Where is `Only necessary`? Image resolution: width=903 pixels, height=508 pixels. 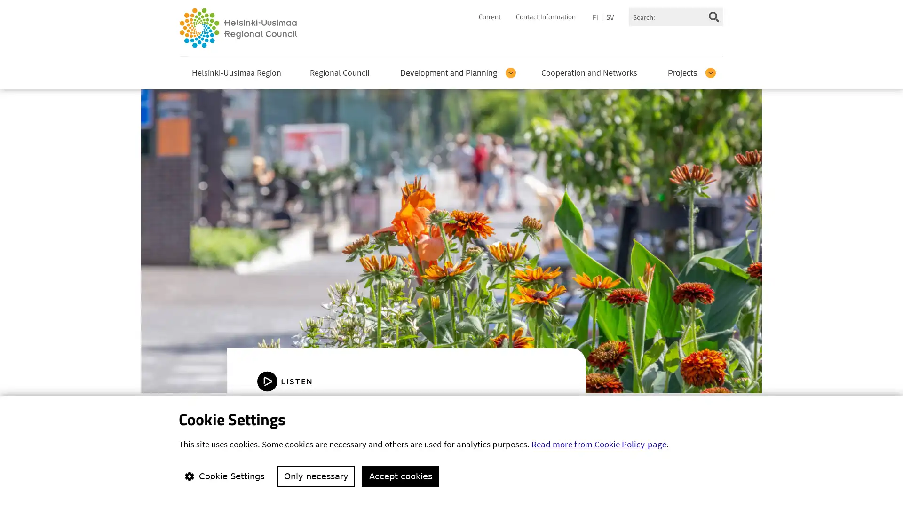
Only necessary is located at coordinates (316, 476).